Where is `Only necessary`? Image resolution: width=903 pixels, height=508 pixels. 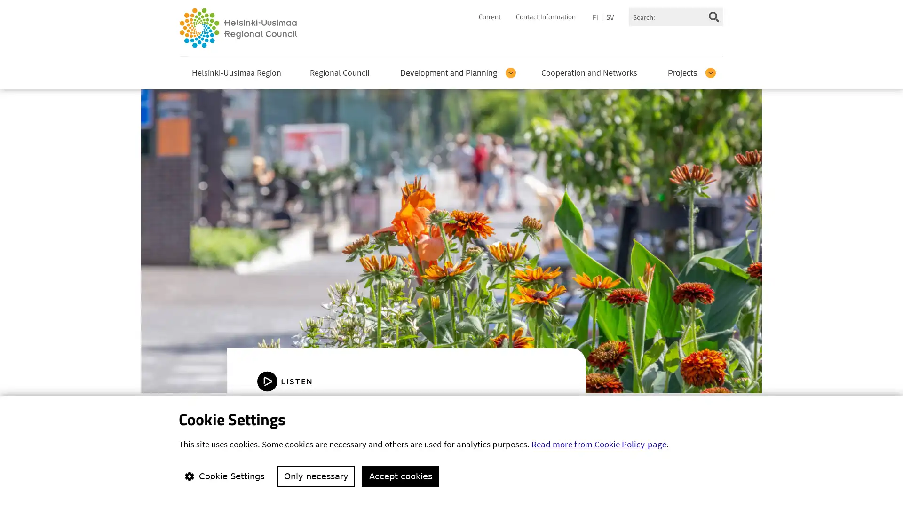
Only necessary is located at coordinates (316, 476).